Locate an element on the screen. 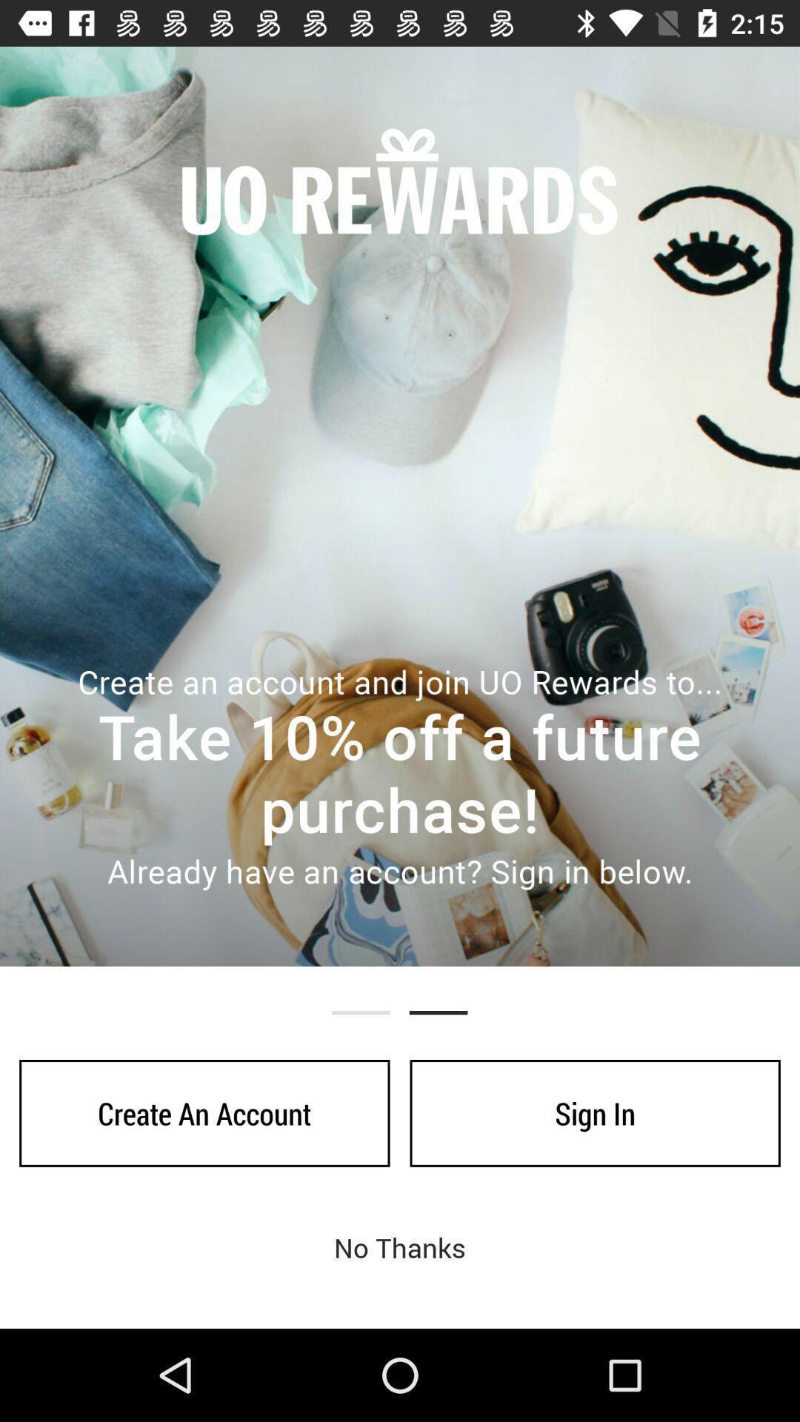  icon next to create an account icon is located at coordinates (594, 1113).